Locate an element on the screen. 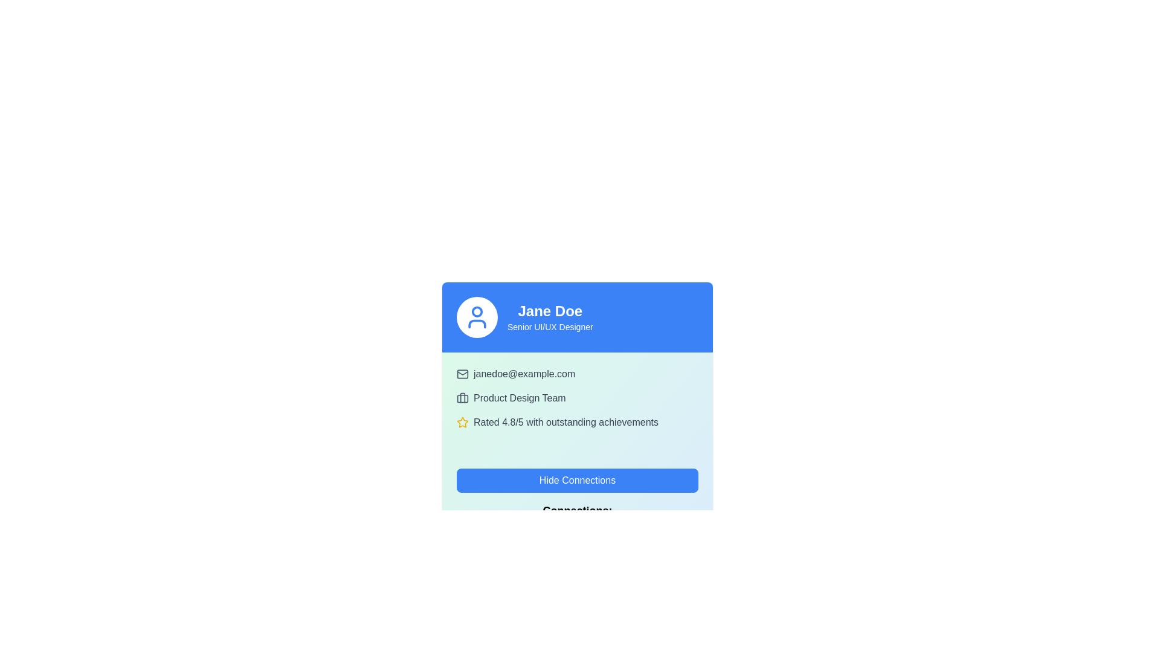 This screenshot has height=653, width=1160. the decorative text element indicating the rating system, which is located in the third row under the profile information section is located at coordinates (576, 421).